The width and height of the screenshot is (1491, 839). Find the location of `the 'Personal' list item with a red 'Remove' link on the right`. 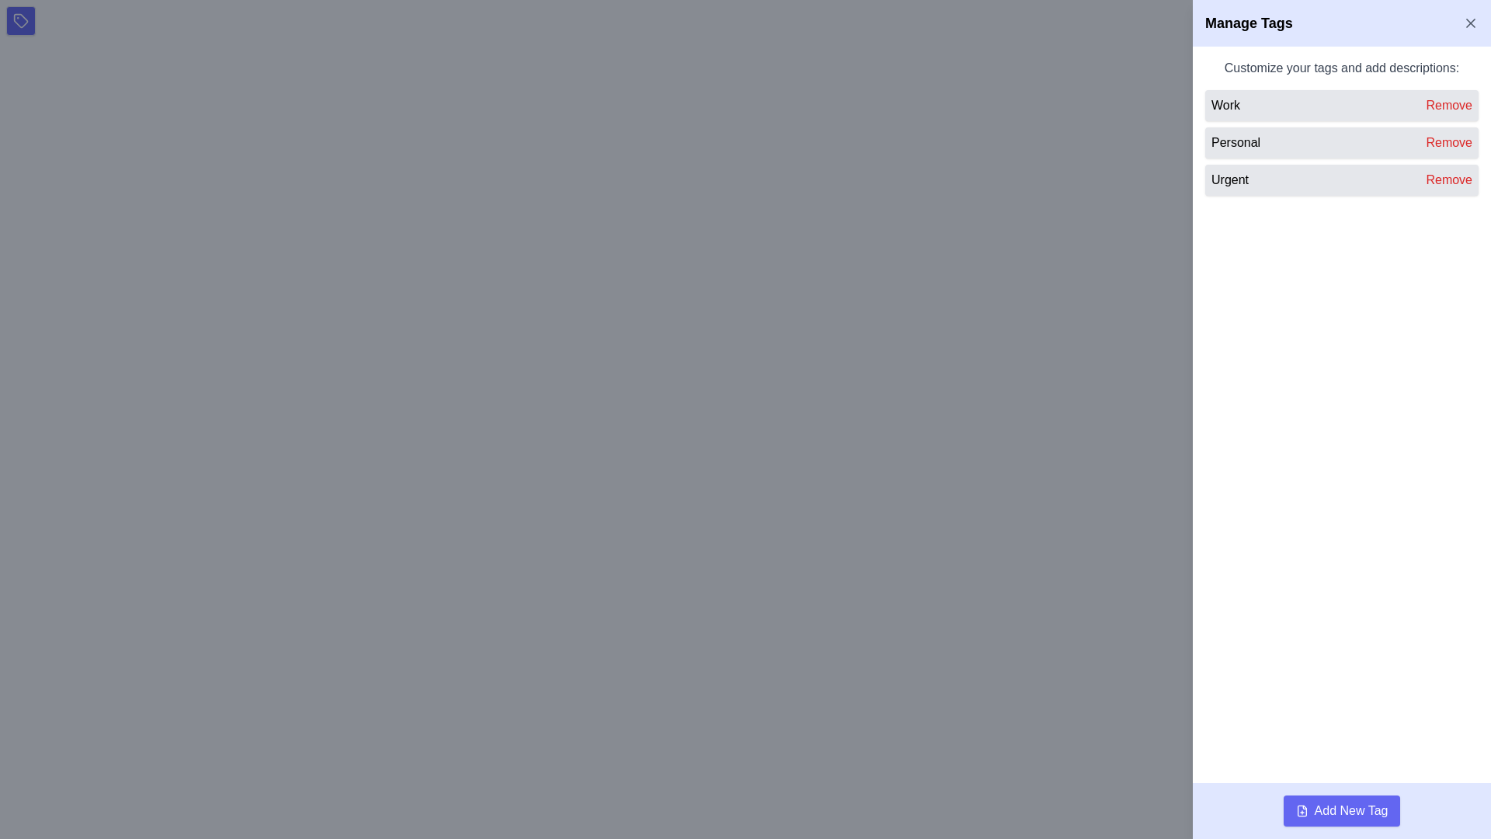

the 'Personal' list item with a red 'Remove' link on the right is located at coordinates (1341, 143).